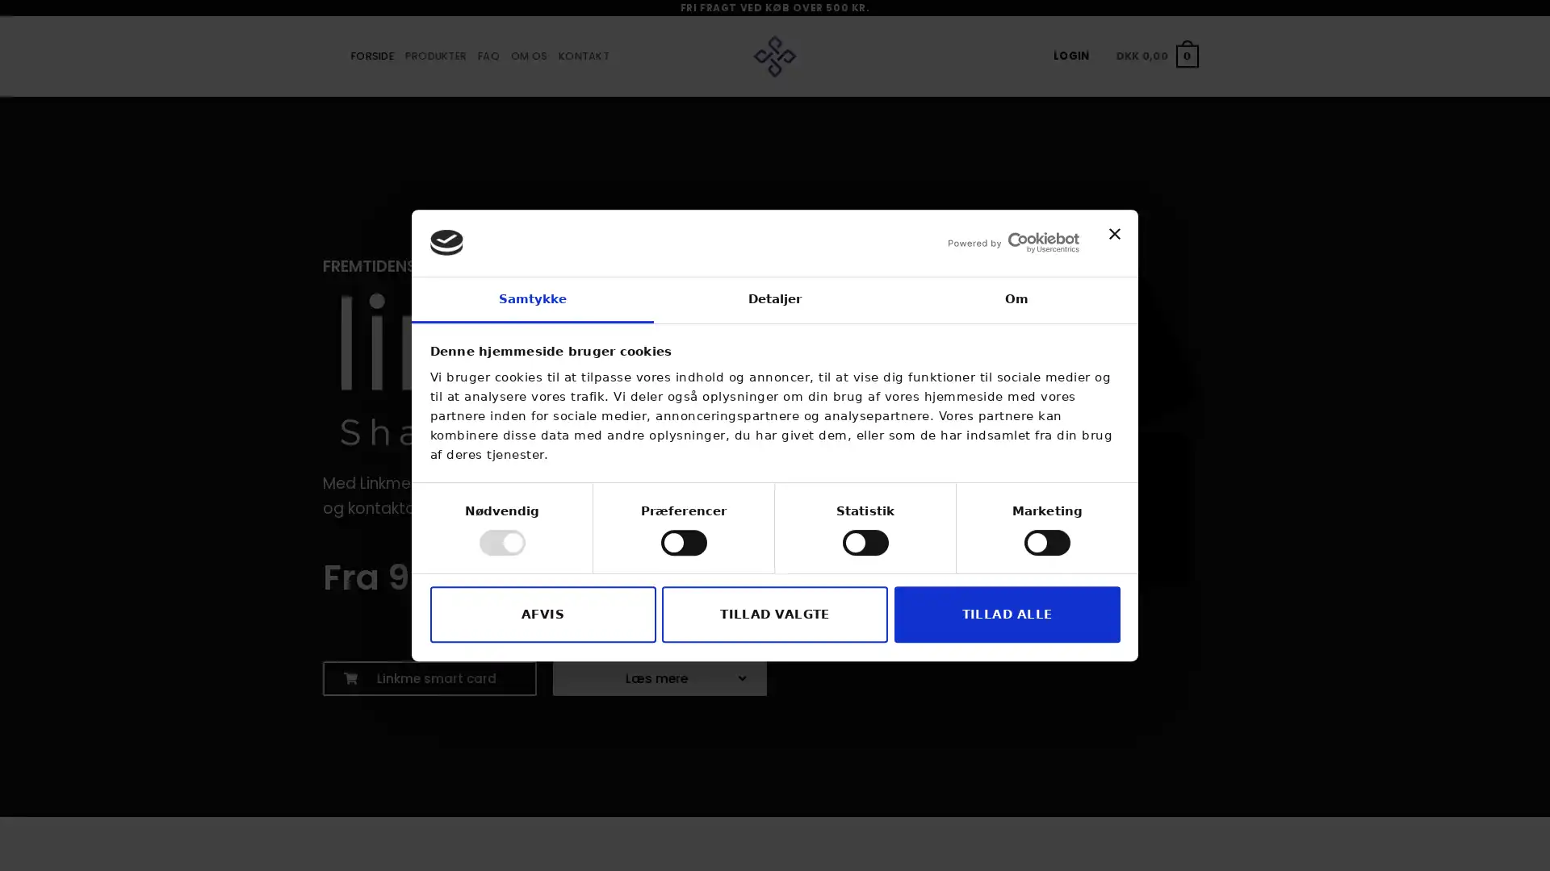 The height and width of the screenshot is (871, 1550). What do you see at coordinates (429, 678) in the screenshot?
I see `Linkme smart card` at bounding box center [429, 678].